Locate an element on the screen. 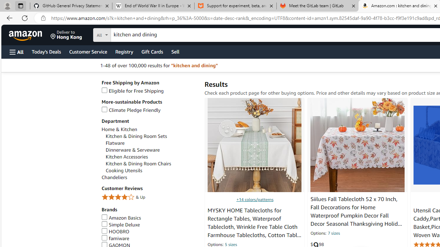  'Cooking Utensils' is located at coordinates (124, 170).